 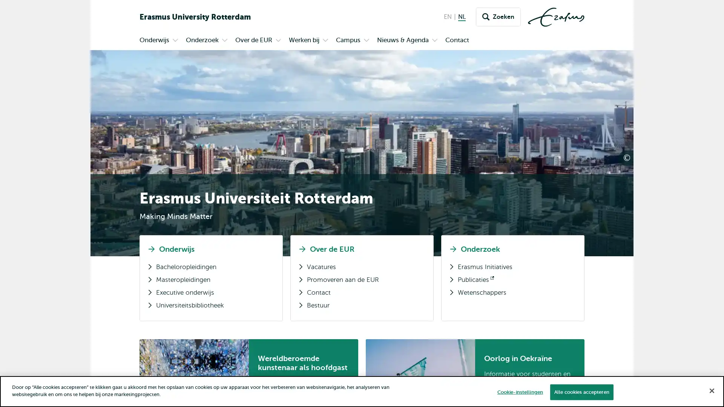 What do you see at coordinates (325, 41) in the screenshot?
I see `Open submenu` at bounding box center [325, 41].